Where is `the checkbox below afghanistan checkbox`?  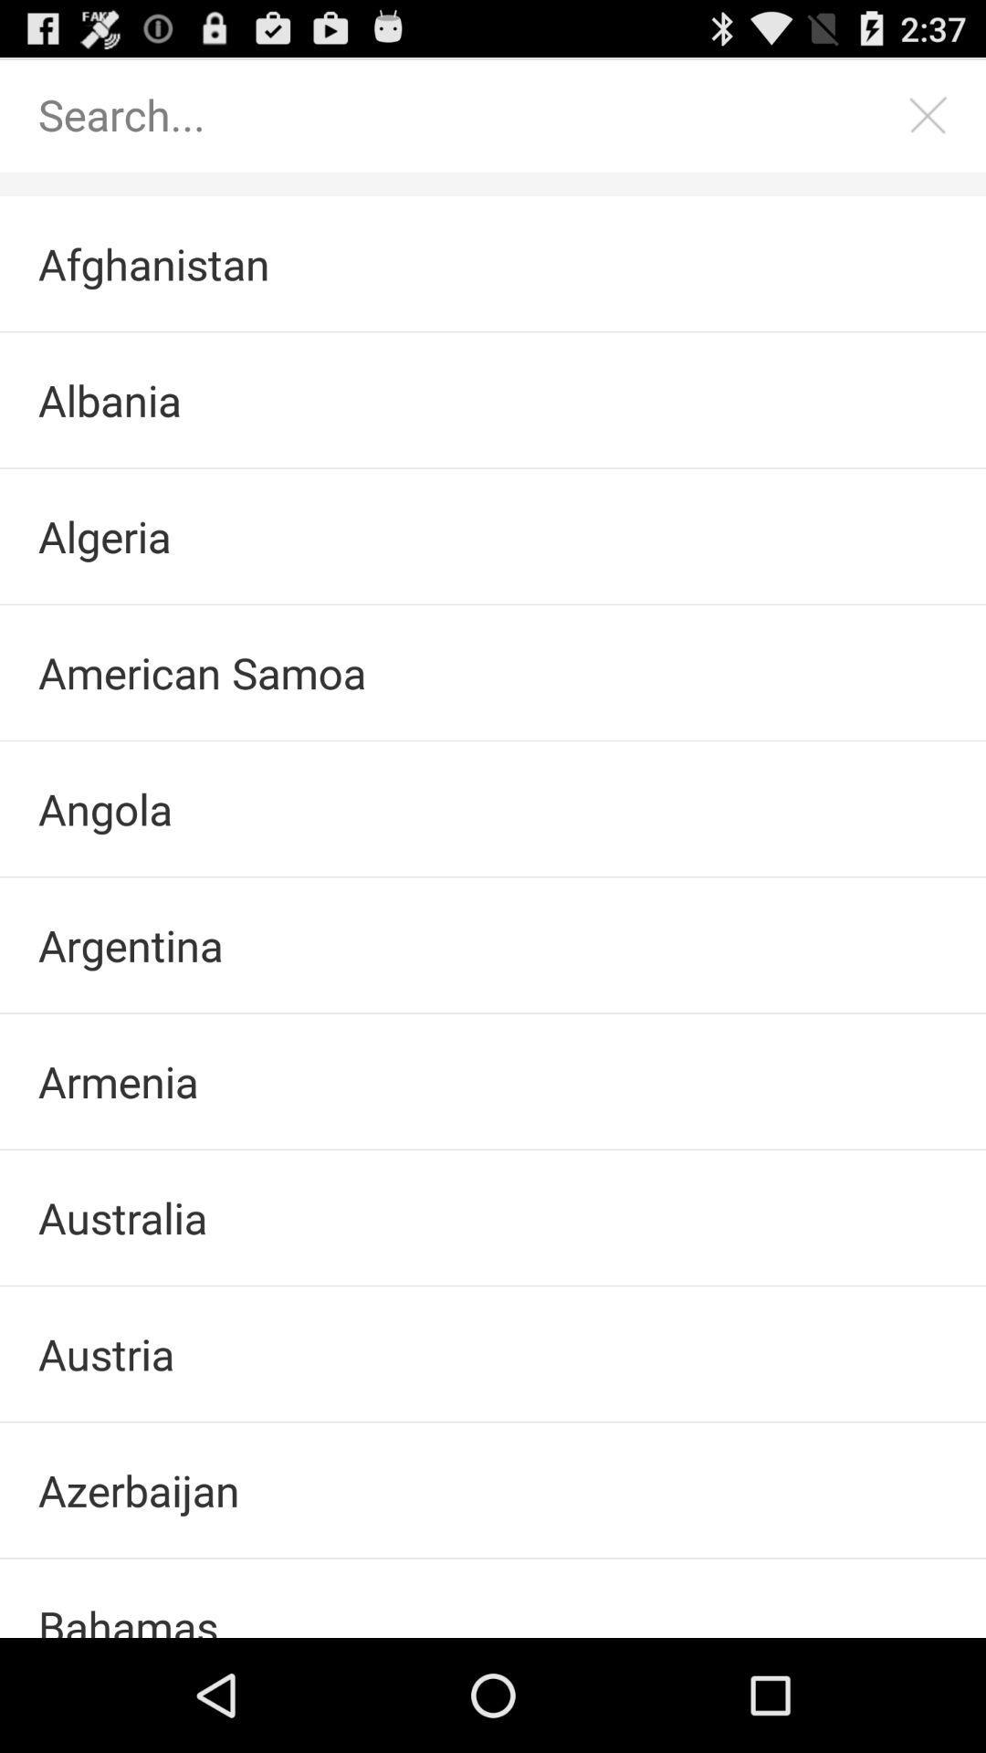 the checkbox below afghanistan checkbox is located at coordinates (493, 399).